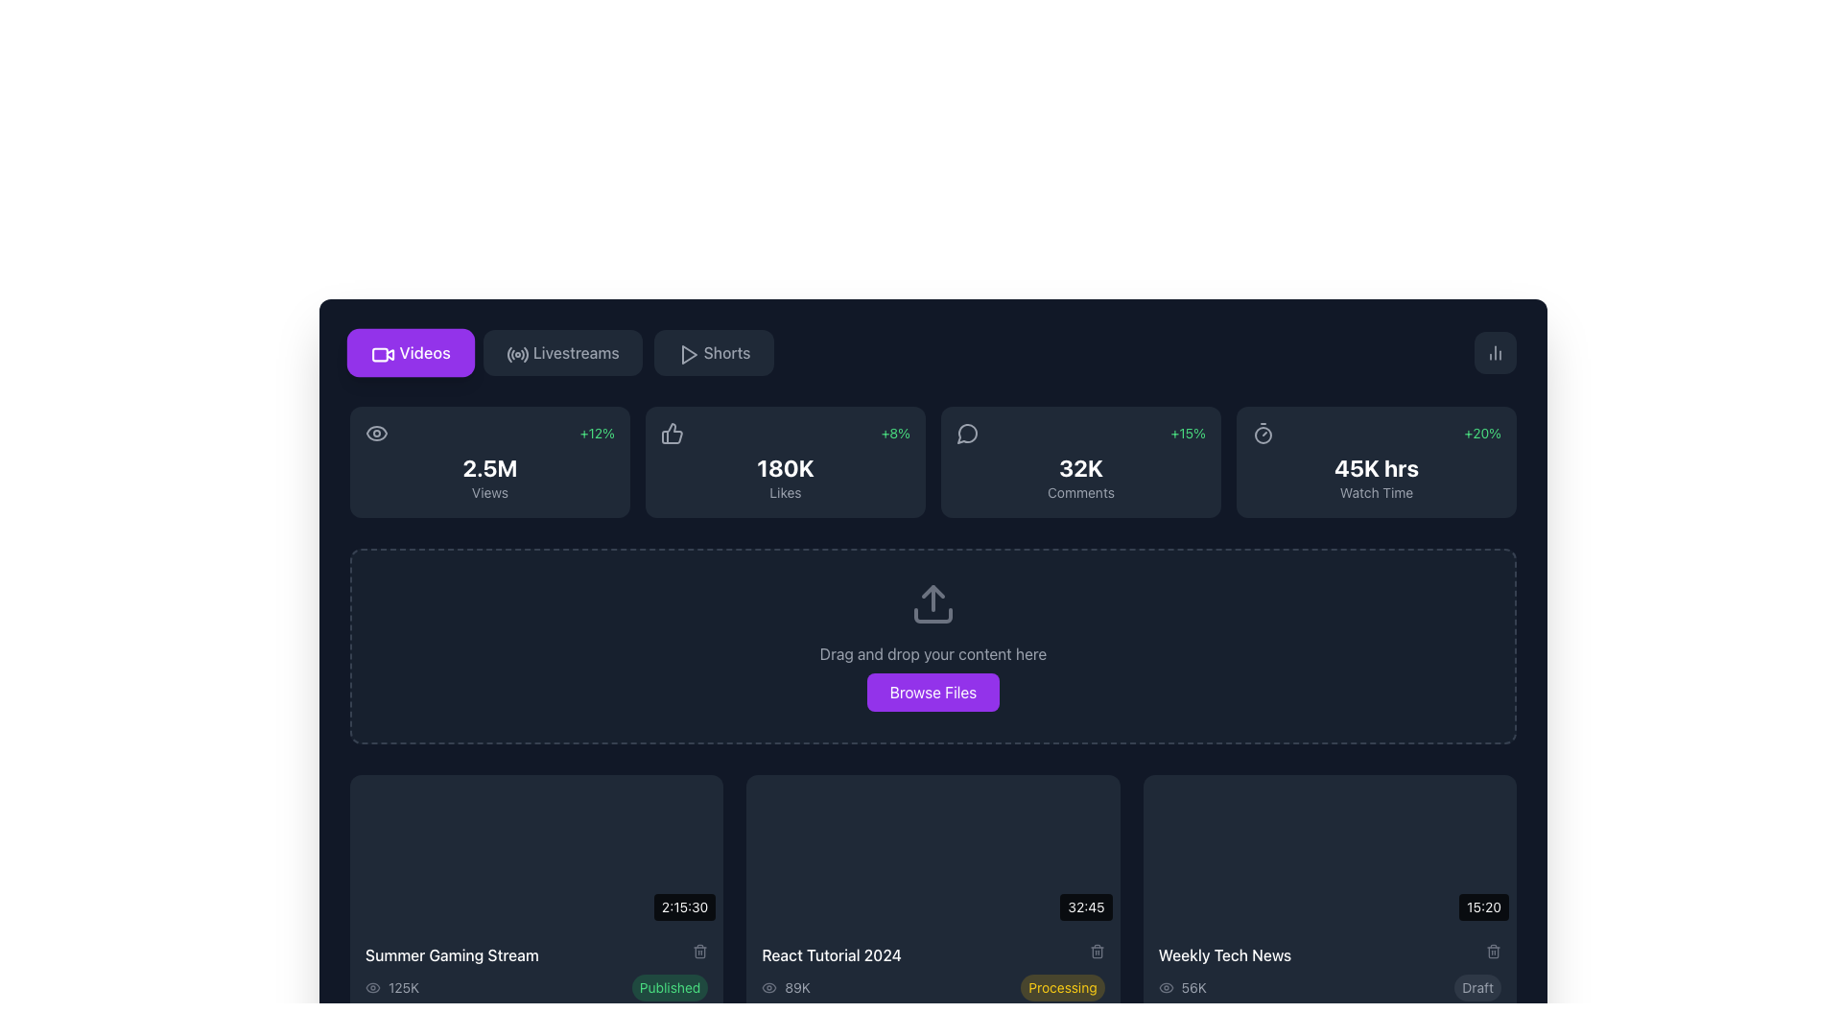 This screenshot has height=1036, width=1842. I want to click on the small button with a bar chart icon located at the top-right corner of the section containing 'Videos', 'Livestreams', and 'Shorts', so click(1495, 352).